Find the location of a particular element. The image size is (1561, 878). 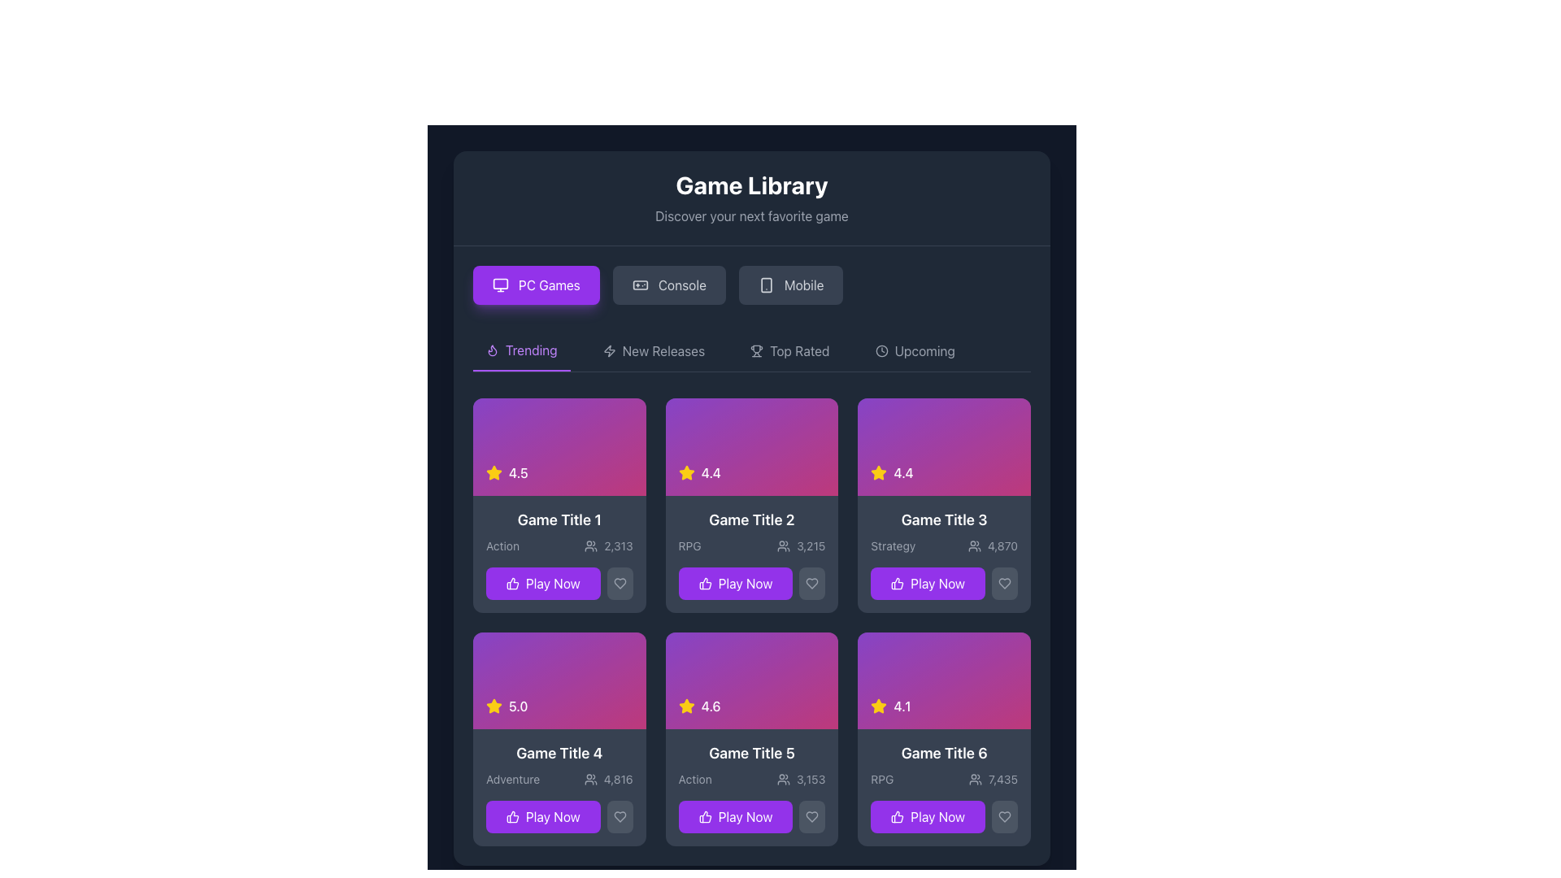

the heart-shaped Icon button located at the bottom of the card labeled 'Game Title 5' is located at coordinates (812, 817).